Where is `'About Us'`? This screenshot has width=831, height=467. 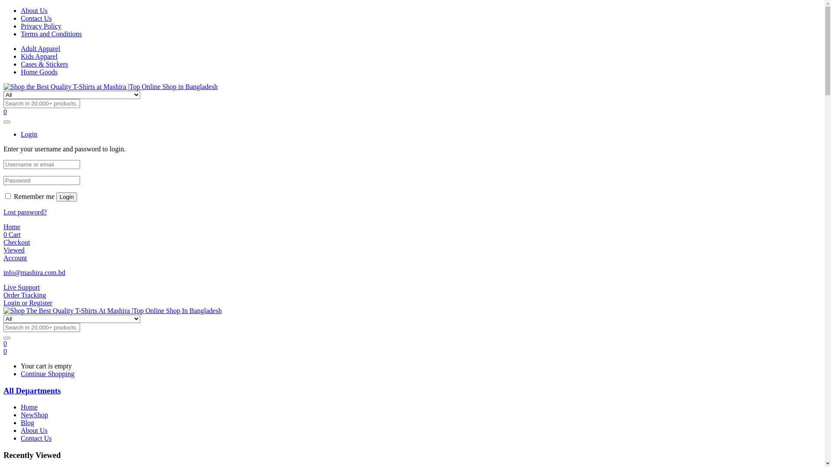
'About Us' is located at coordinates (34, 430).